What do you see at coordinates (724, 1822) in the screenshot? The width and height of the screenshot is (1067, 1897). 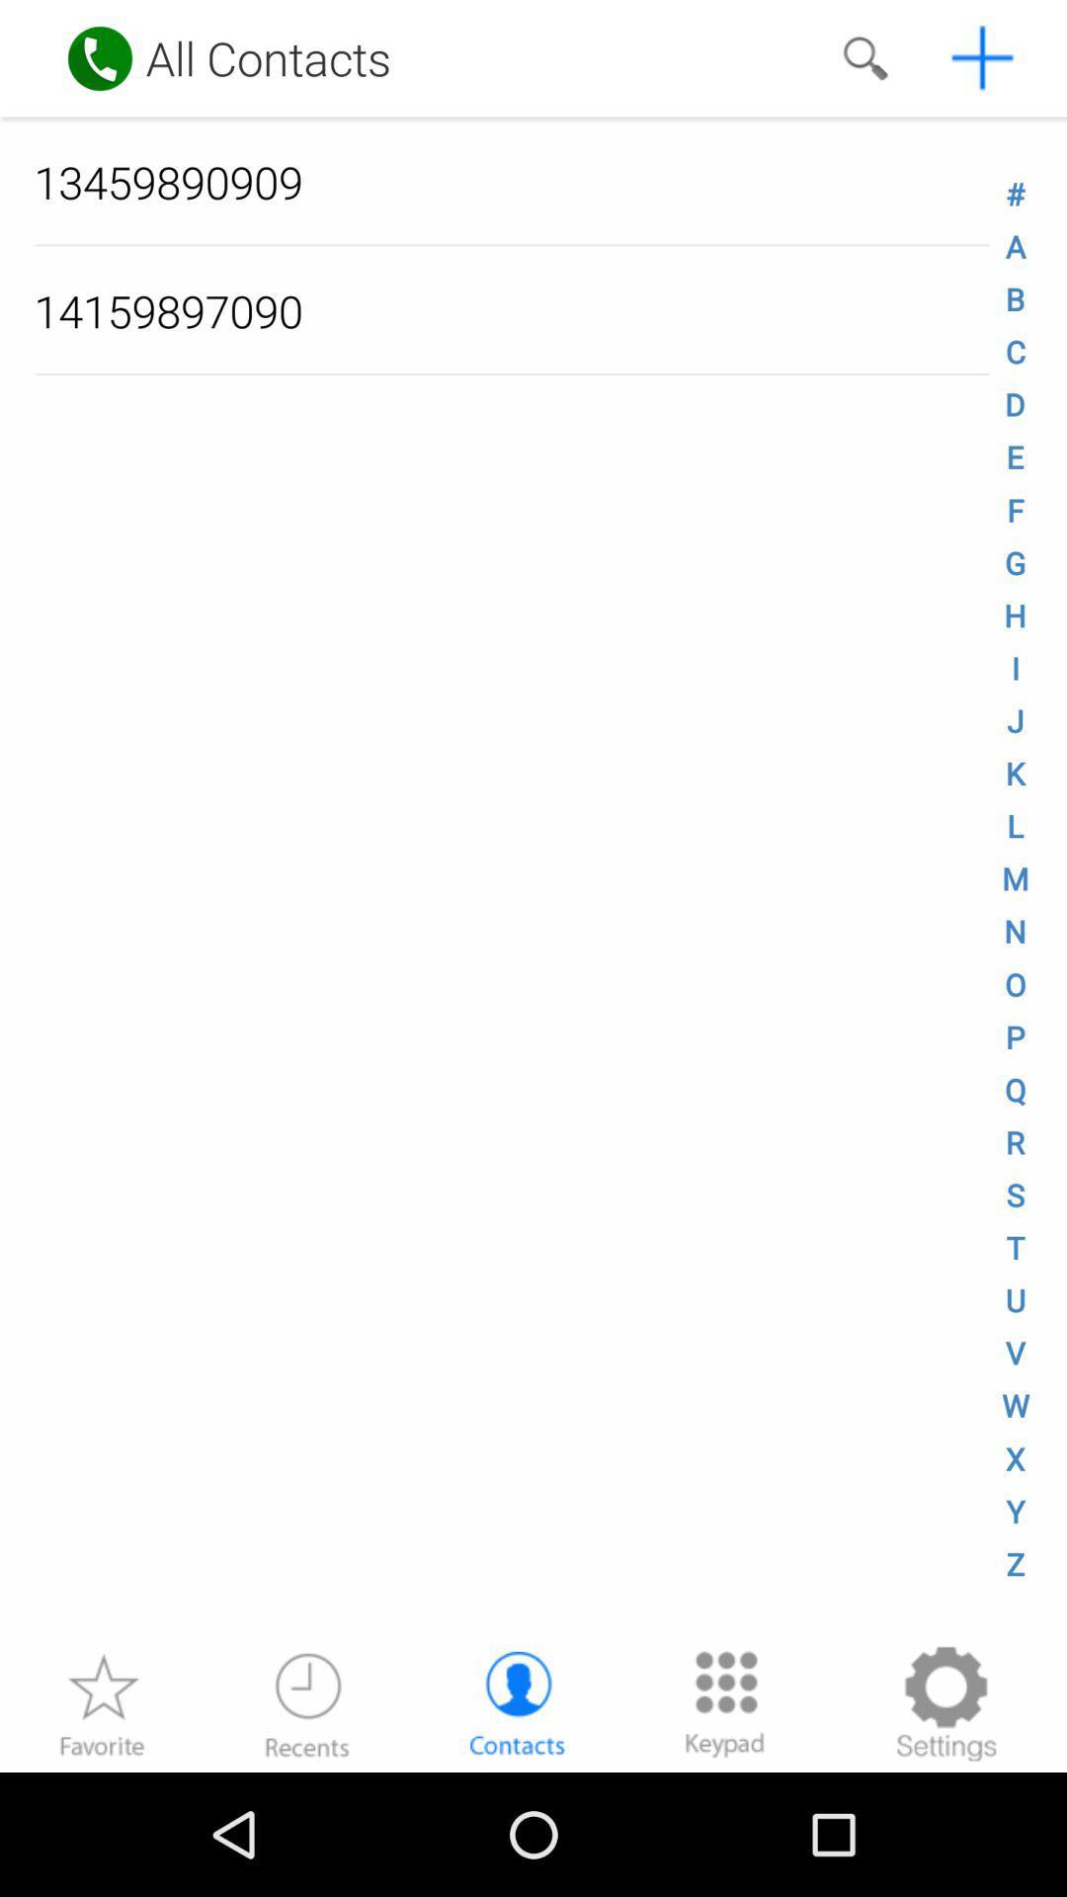 I see `the dialpad icon` at bounding box center [724, 1822].